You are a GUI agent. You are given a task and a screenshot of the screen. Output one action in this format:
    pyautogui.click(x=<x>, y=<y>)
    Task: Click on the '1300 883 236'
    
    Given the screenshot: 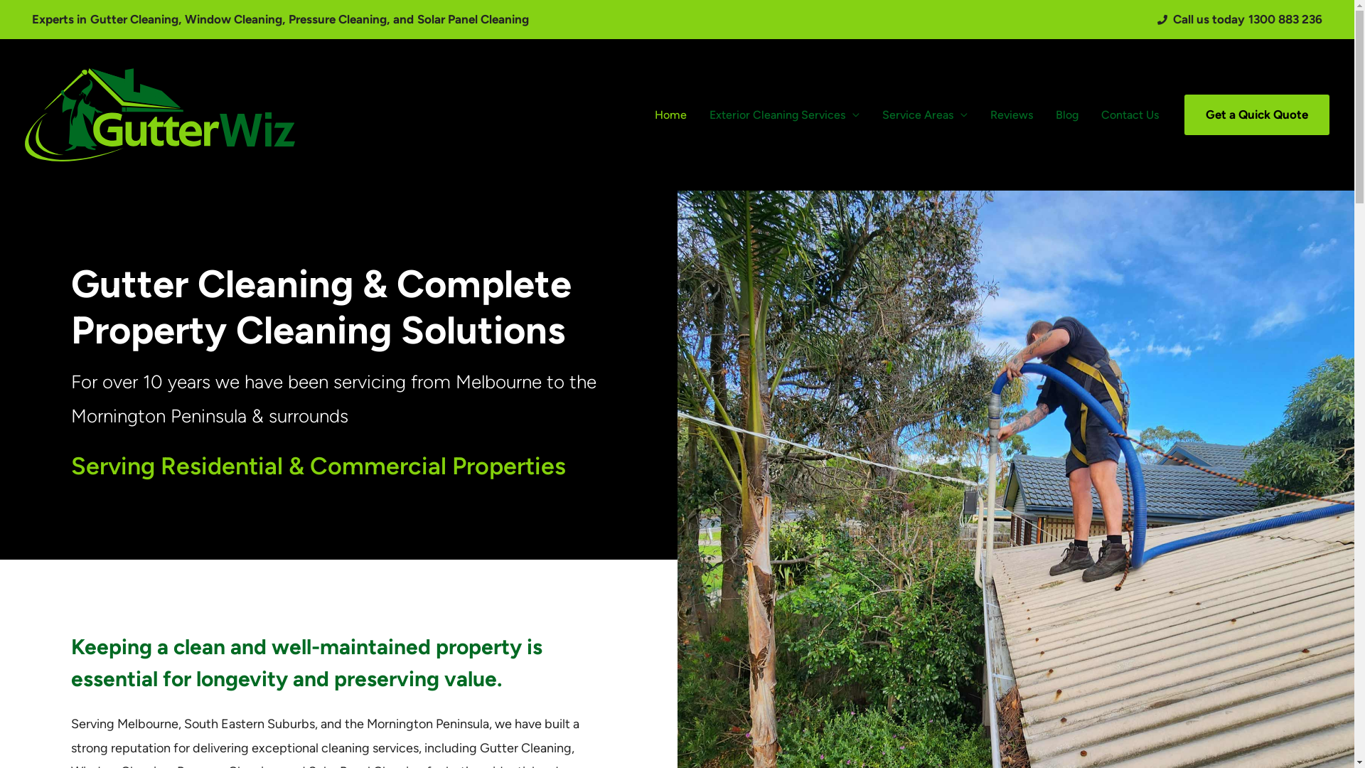 What is the action you would take?
    pyautogui.click(x=1285, y=19)
    